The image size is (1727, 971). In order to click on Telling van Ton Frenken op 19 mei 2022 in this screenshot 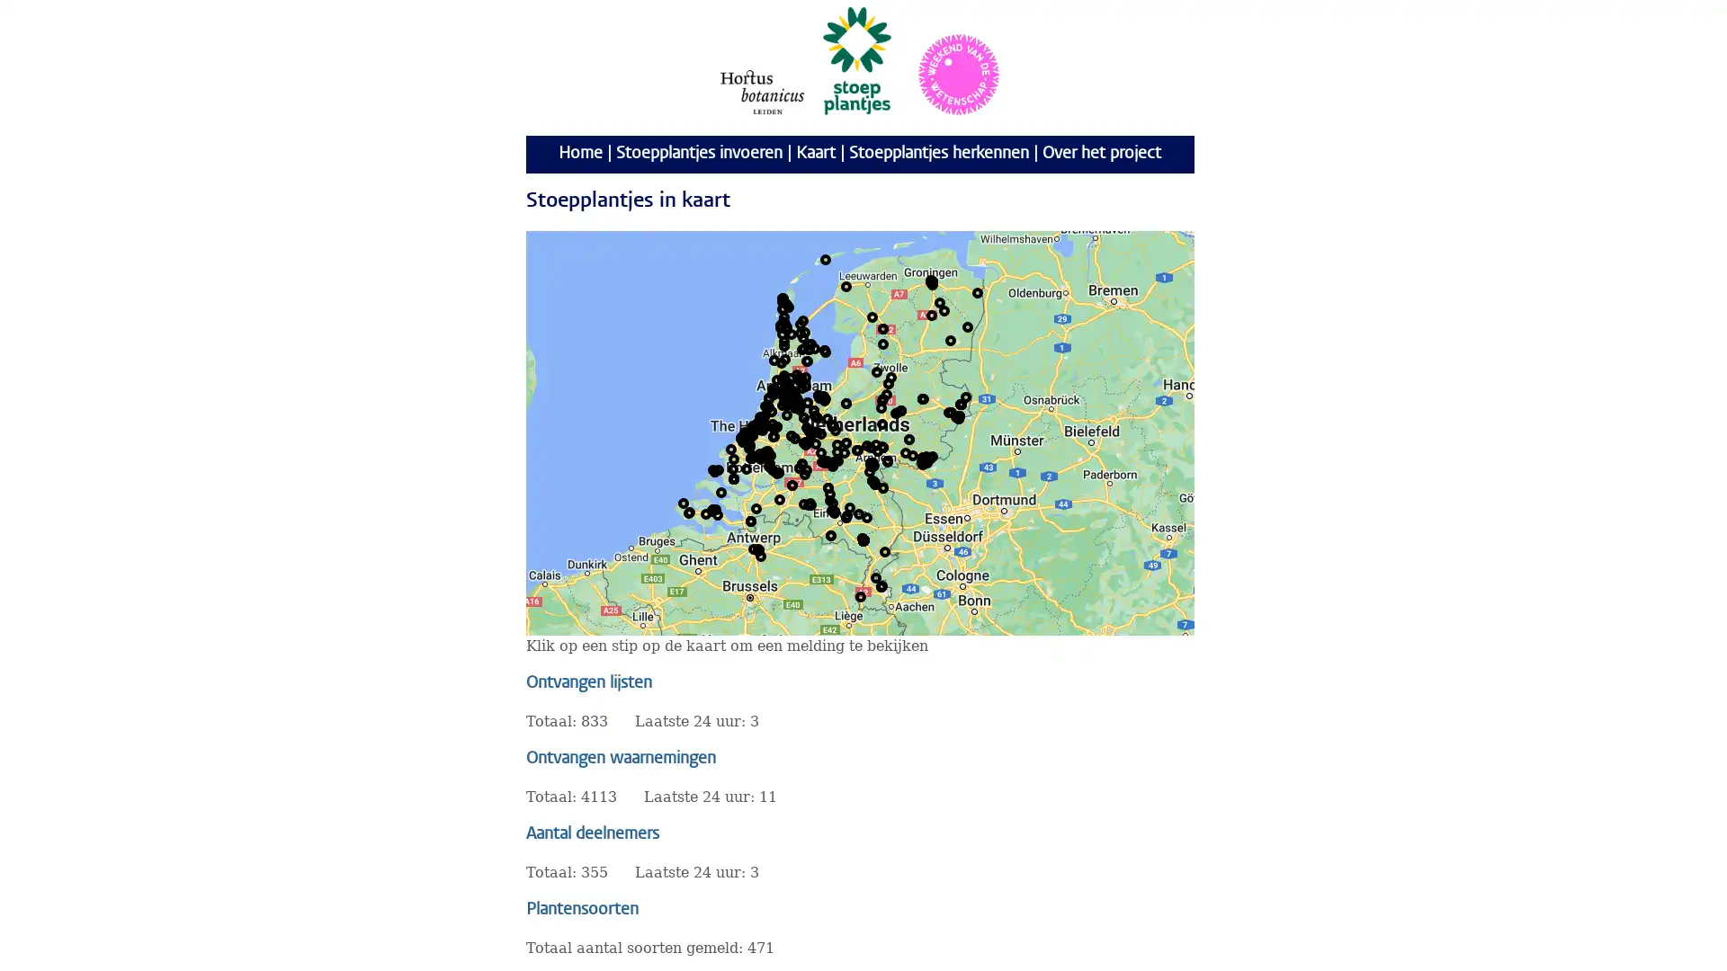, I will do `click(863, 539)`.